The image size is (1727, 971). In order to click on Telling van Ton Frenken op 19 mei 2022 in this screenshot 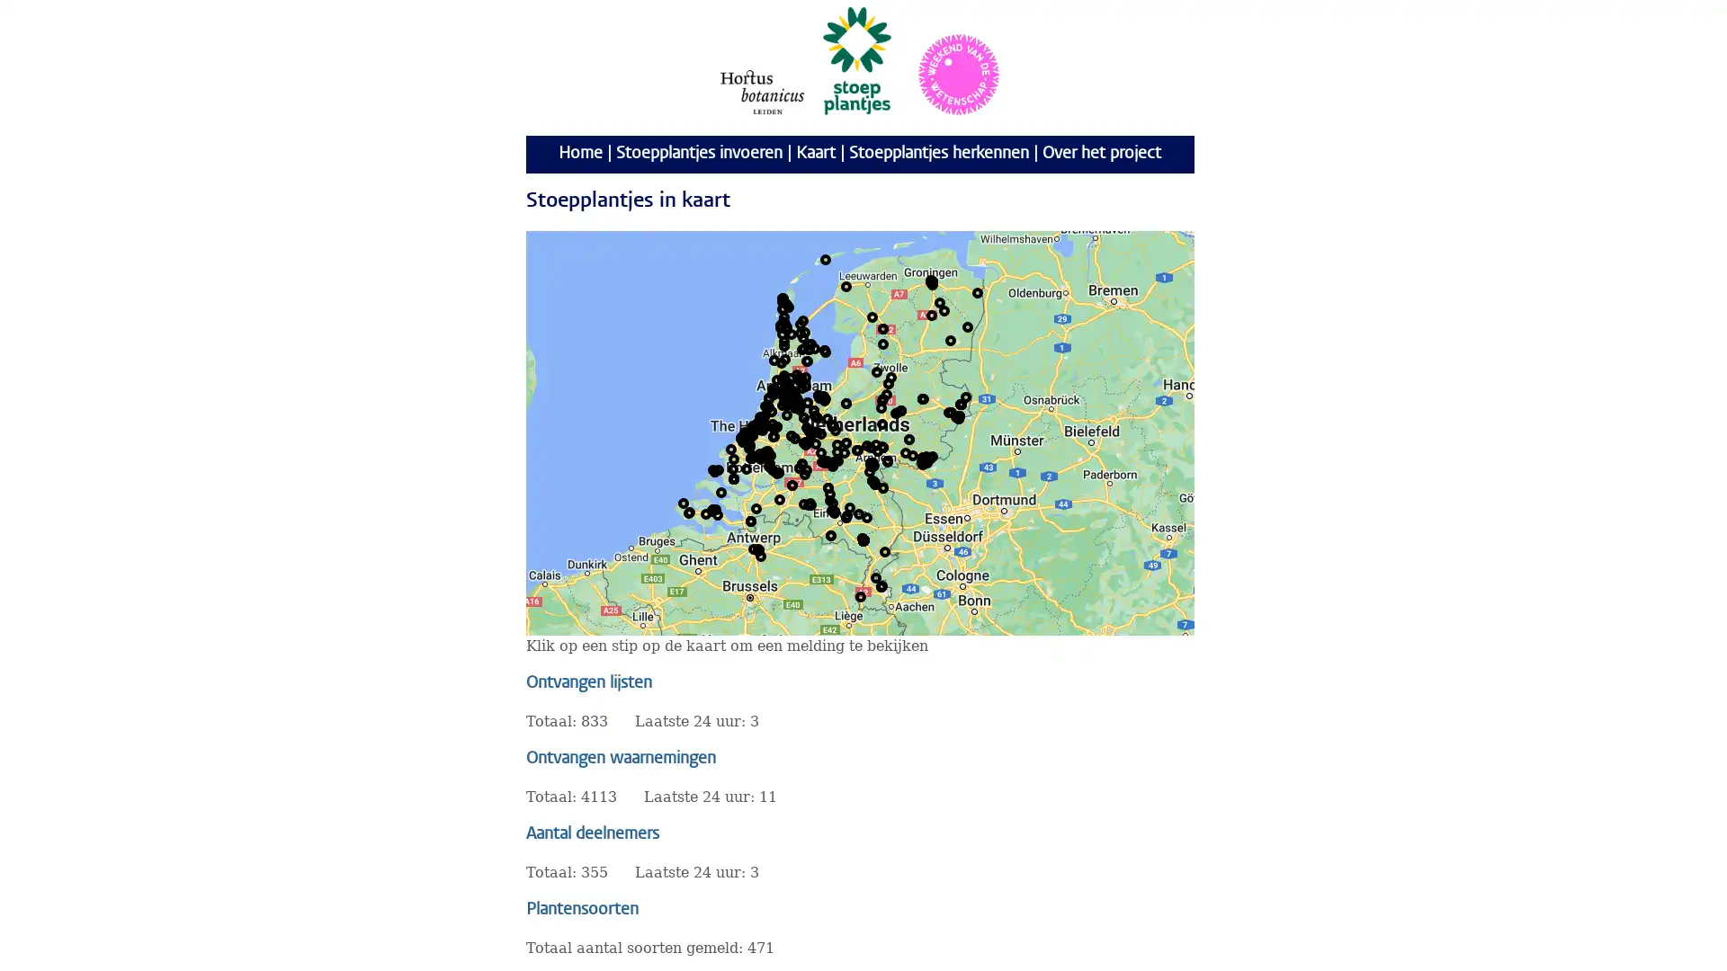, I will do `click(863, 539)`.